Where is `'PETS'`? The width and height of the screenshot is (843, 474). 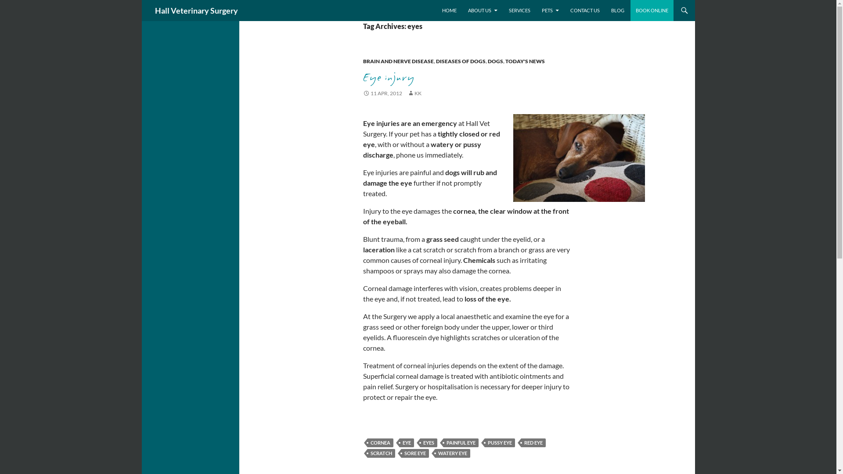
'PETS' is located at coordinates (550, 10).